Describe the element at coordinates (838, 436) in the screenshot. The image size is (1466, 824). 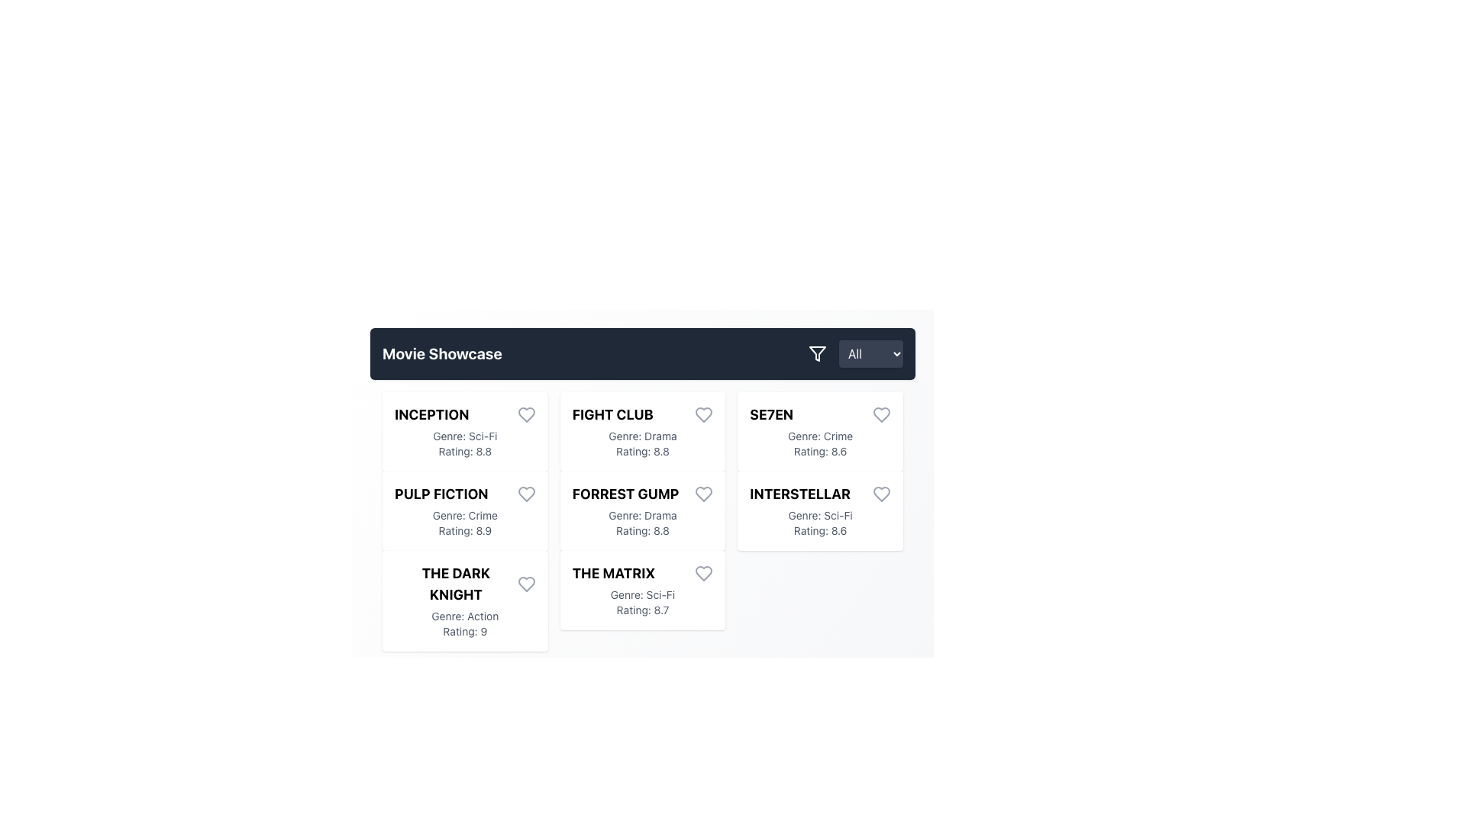
I see `the text label 'Crime' found in the Genre section of the movie card for 'SE7EN', which is visually styled in a standard font and located directly below the movie title` at that location.